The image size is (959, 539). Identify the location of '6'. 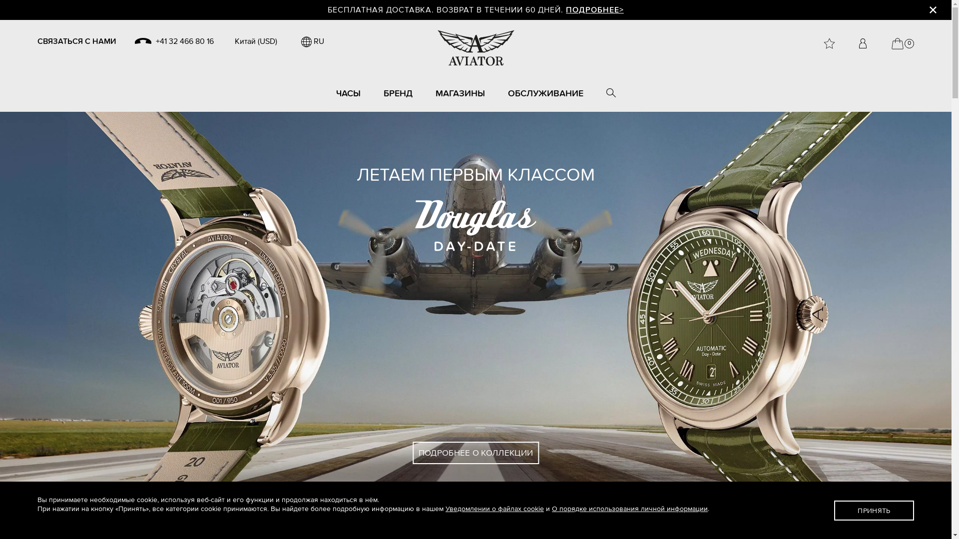
(497, 514).